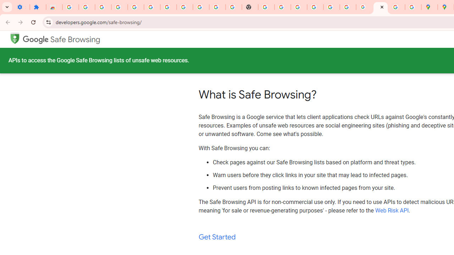  I want to click on 'https://scholar.google.com/', so click(266, 7).